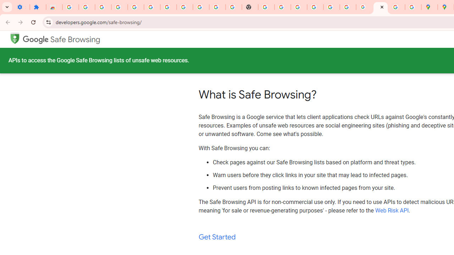  I want to click on 'https://scholar.google.com/', so click(266, 7).